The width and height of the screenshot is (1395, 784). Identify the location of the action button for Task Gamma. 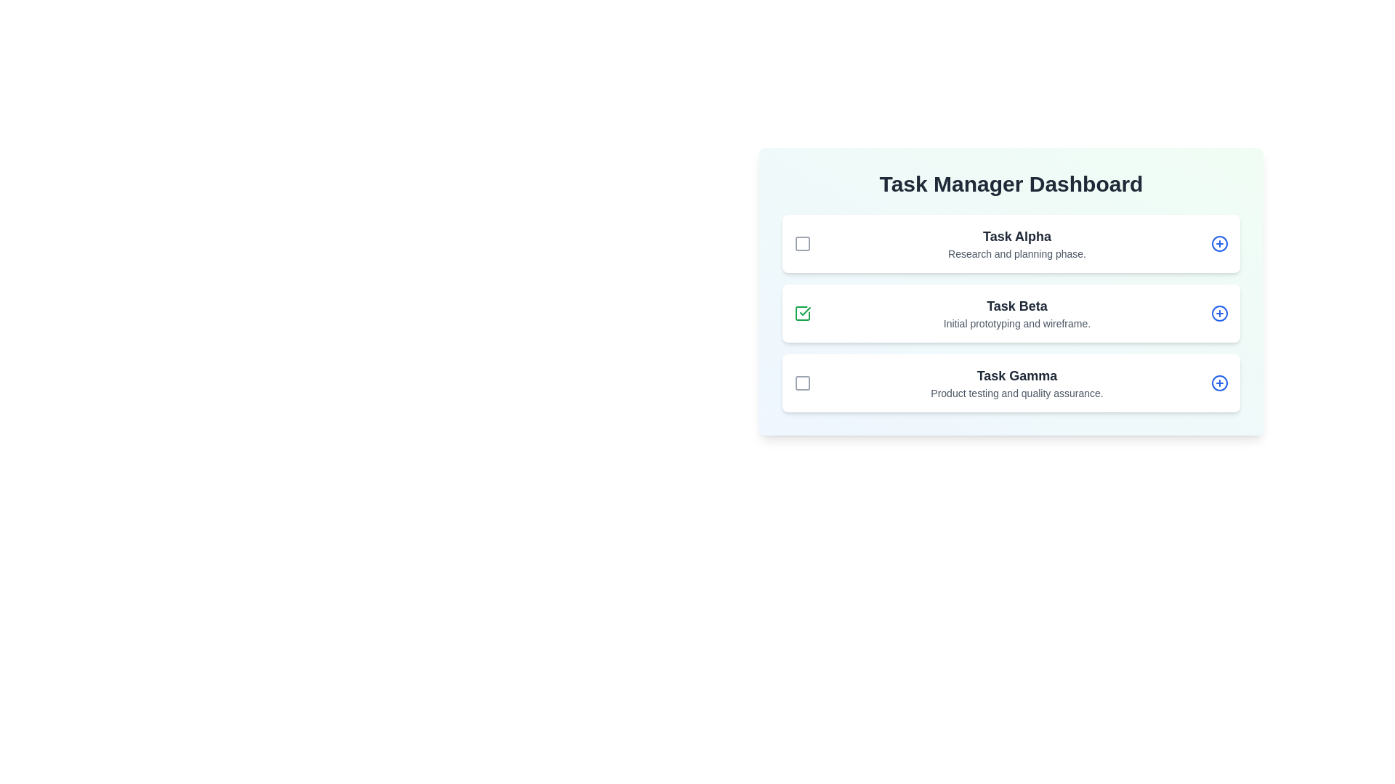
(1220, 383).